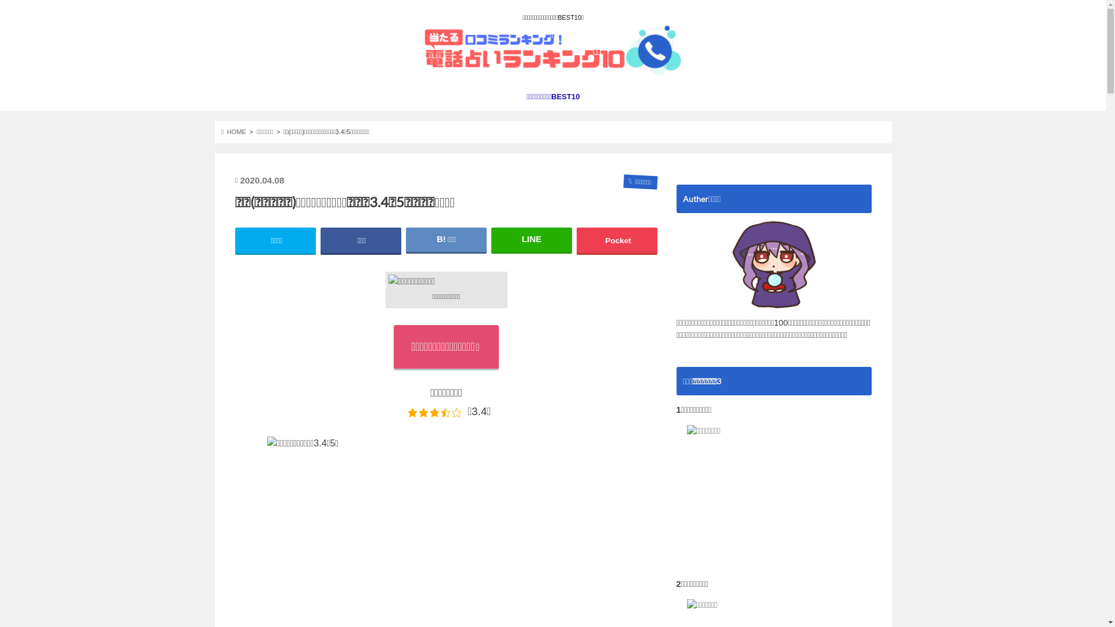 This screenshot has width=1115, height=627. Describe the element at coordinates (577, 239) in the screenshot. I see `'Pocket'` at that location.